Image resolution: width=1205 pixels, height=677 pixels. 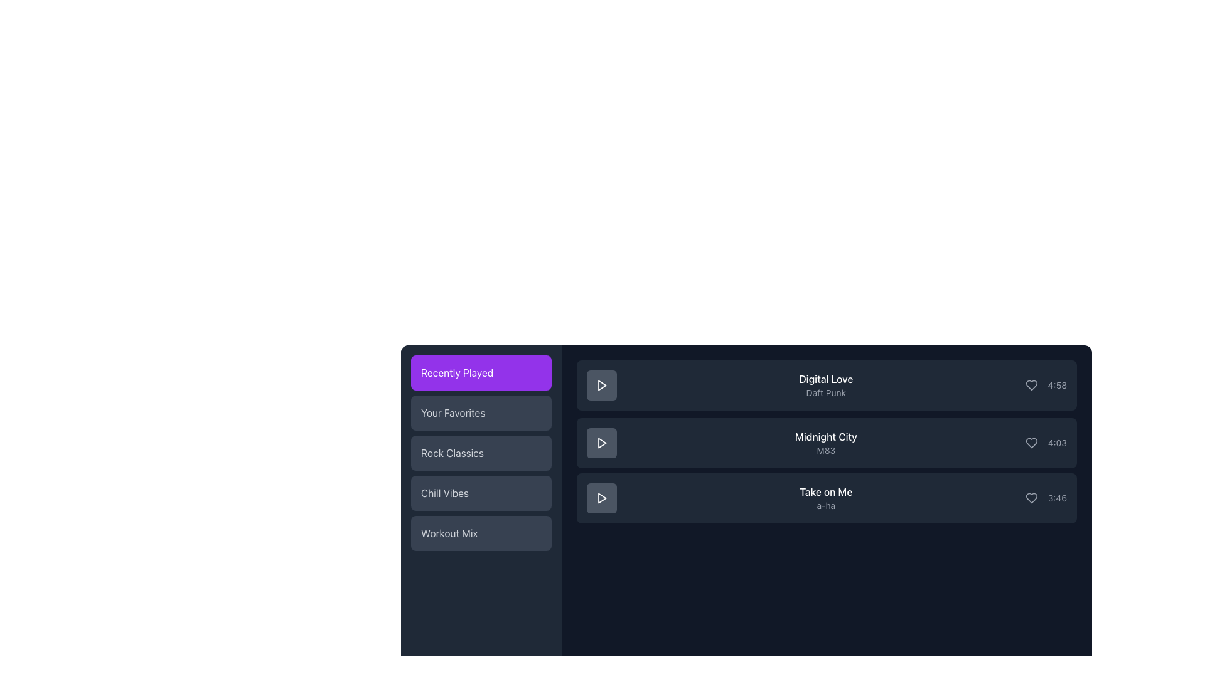 I want to click on the song title and artist display, which is the first song block in the horizontal list, located to the right of the play button and to the left of the duration text '4:58', so click(x=826, y=384).